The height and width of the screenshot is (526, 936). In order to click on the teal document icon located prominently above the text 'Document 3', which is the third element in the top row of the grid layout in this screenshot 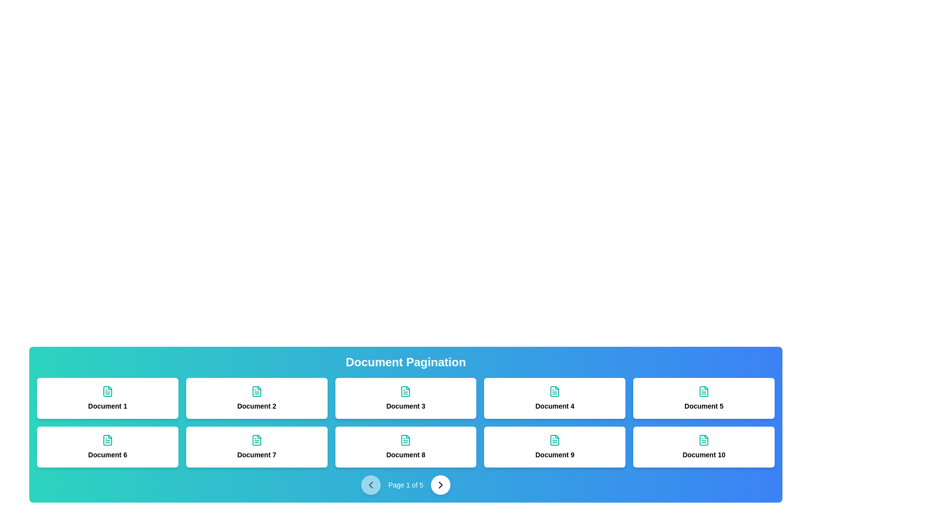, I will do `click(406, 391)`.